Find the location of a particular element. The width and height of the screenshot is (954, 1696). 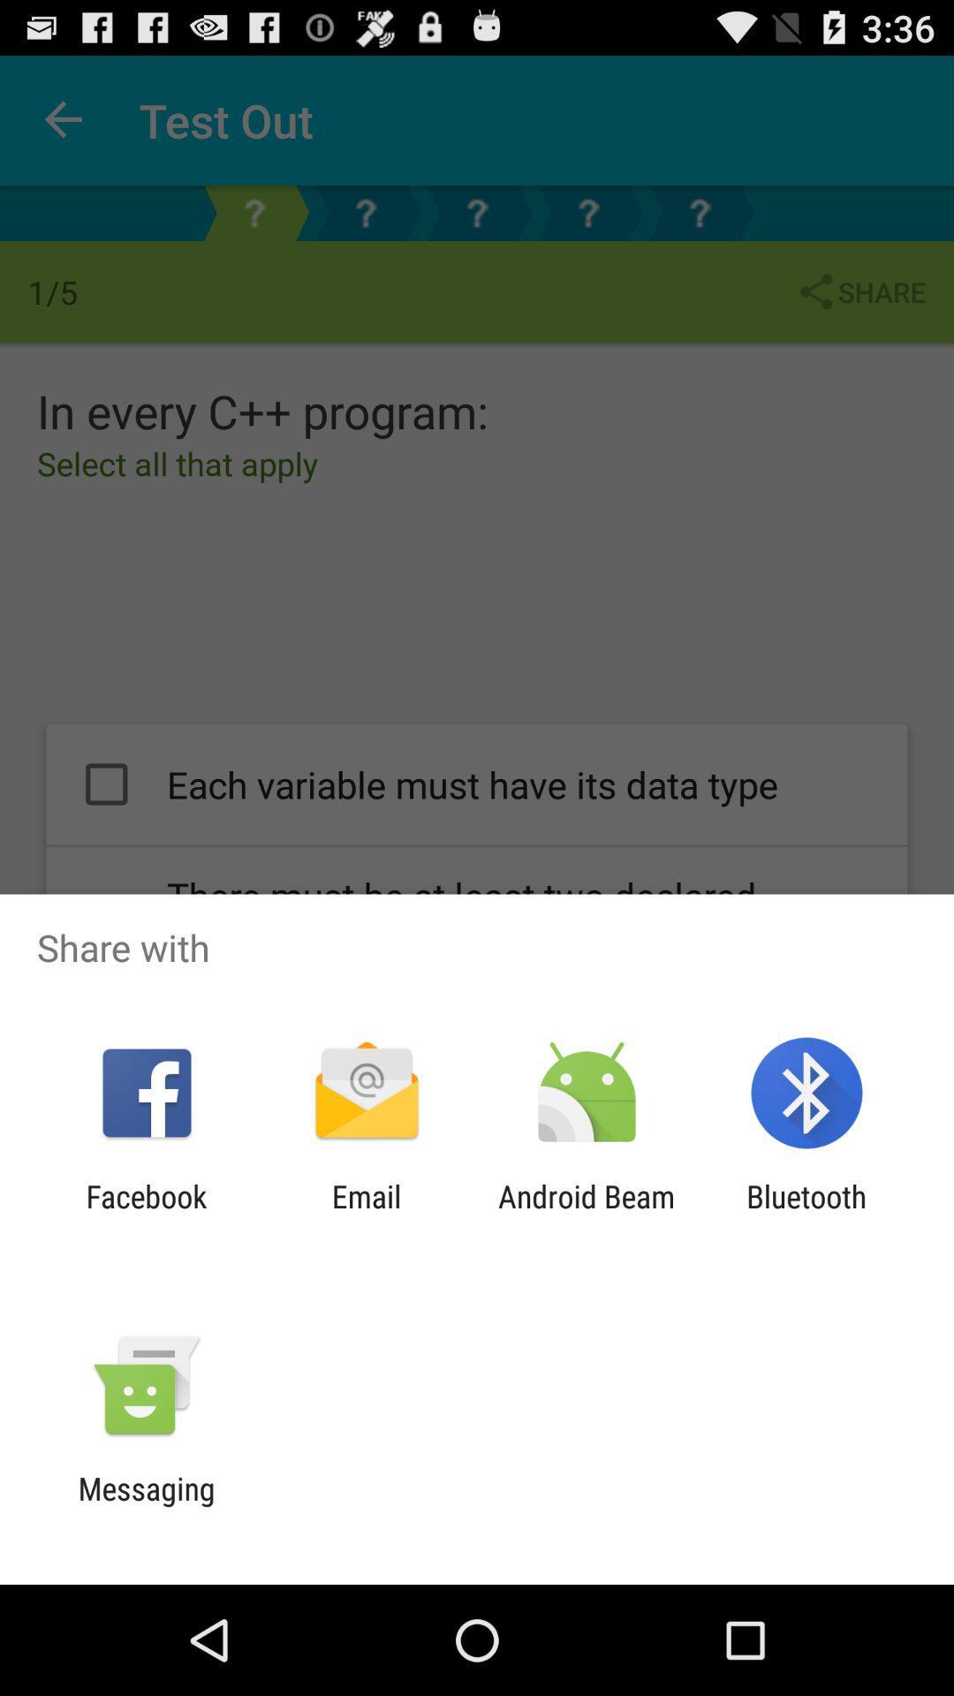

item next to bluetooth app is located at coordinates (587, 1214).